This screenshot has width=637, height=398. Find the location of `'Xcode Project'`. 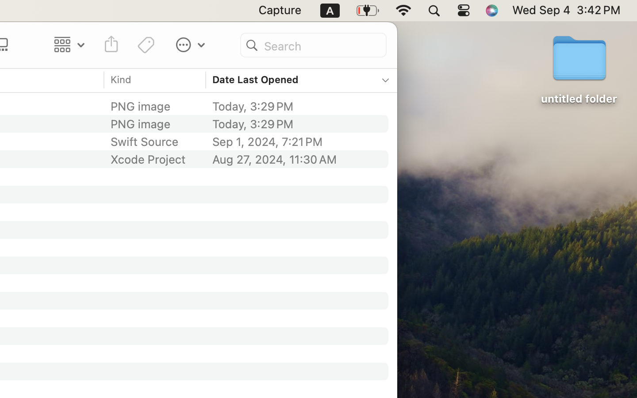

'Xcode Project' is located at coordinates (148, 159).